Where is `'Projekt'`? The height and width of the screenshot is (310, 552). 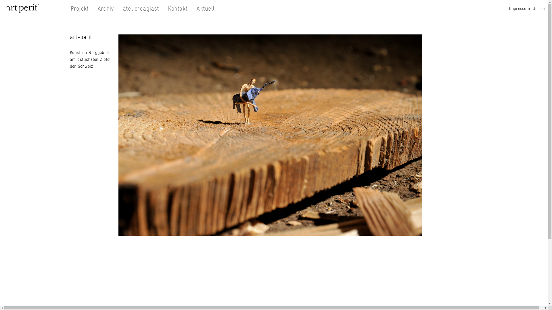 'Projekt' is located at coordinates (79, 8).